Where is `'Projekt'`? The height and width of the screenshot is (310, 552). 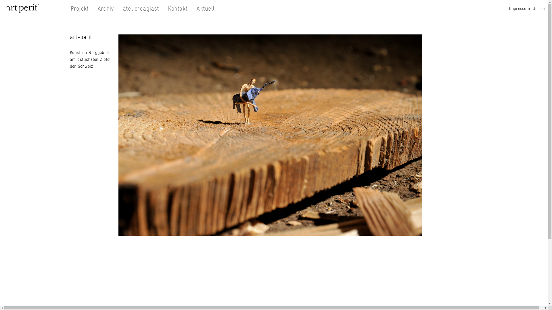 'Projekt' is located at coordinates (79, 8).